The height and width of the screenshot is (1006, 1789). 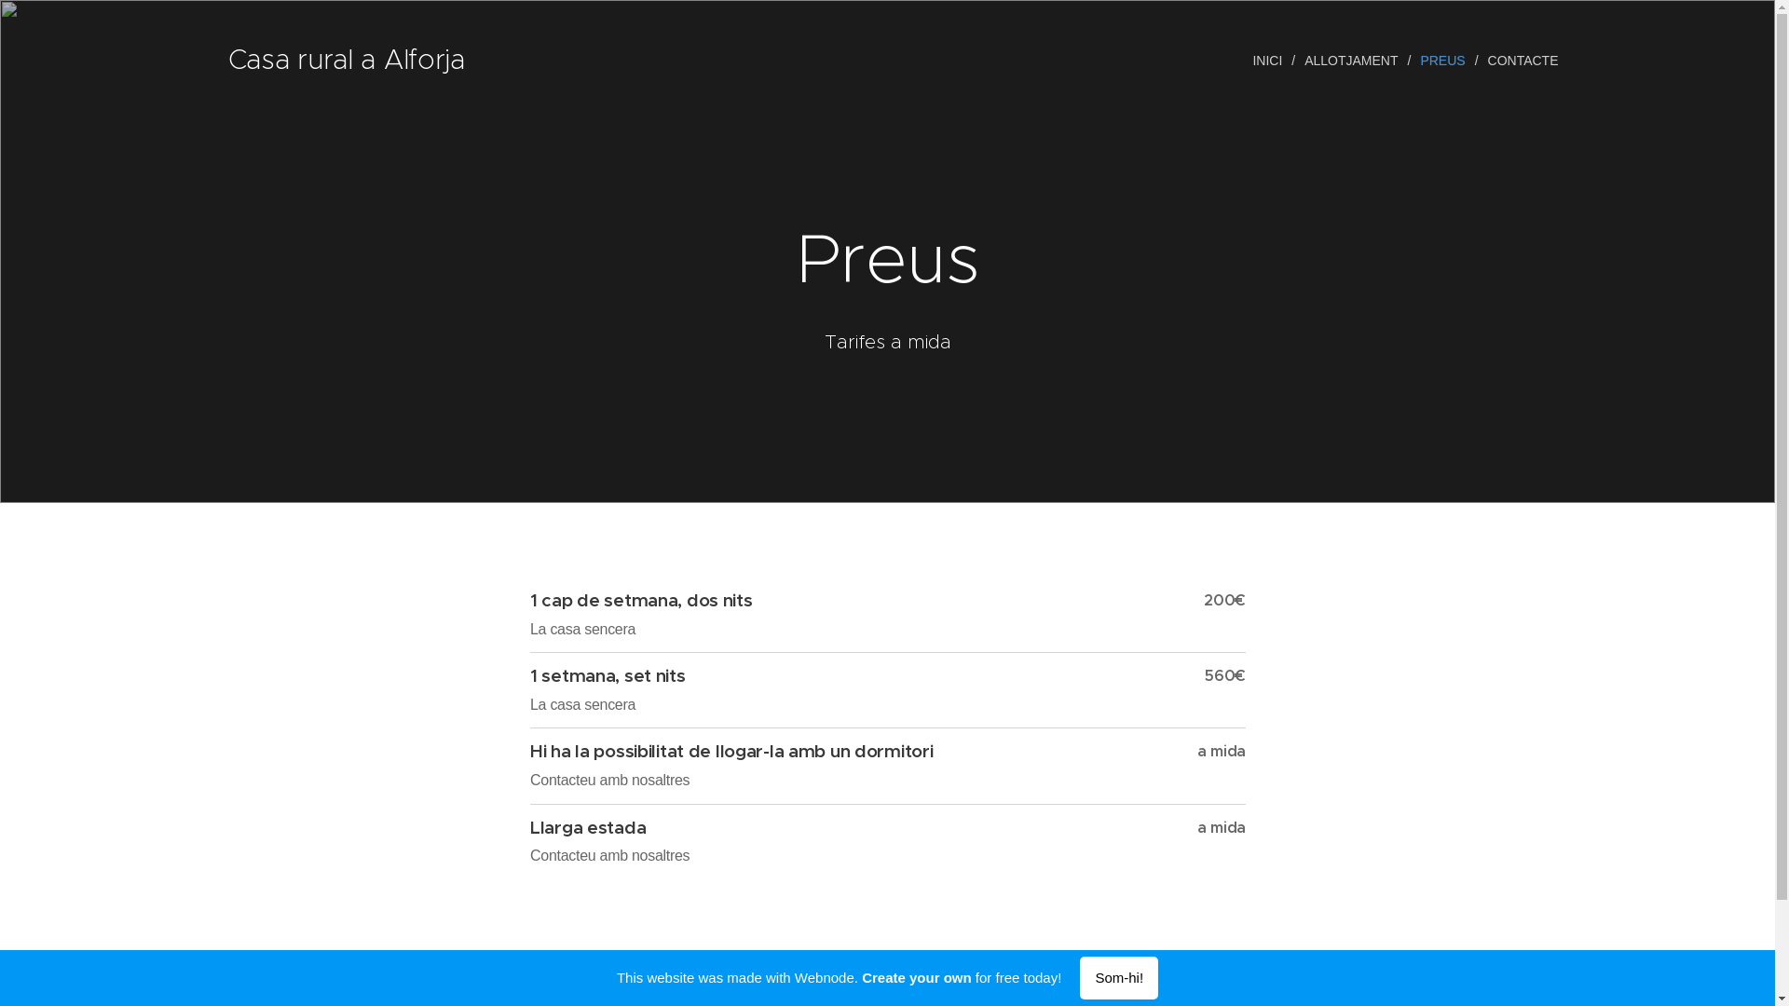 I want to click on 'ALLOTJAMENT', so click(x=1353, y=60).